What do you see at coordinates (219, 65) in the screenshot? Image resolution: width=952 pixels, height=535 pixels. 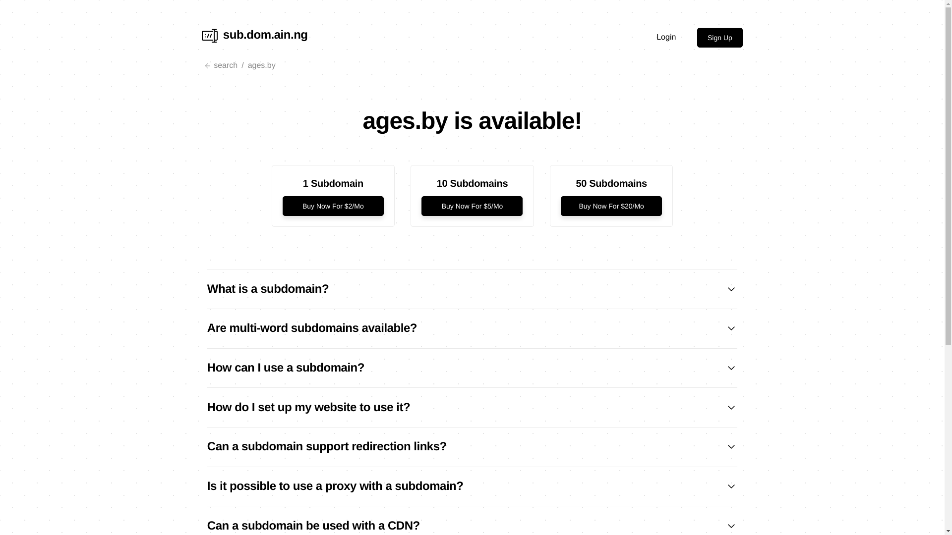 I see `'search'` at bounding box center [219, 65].